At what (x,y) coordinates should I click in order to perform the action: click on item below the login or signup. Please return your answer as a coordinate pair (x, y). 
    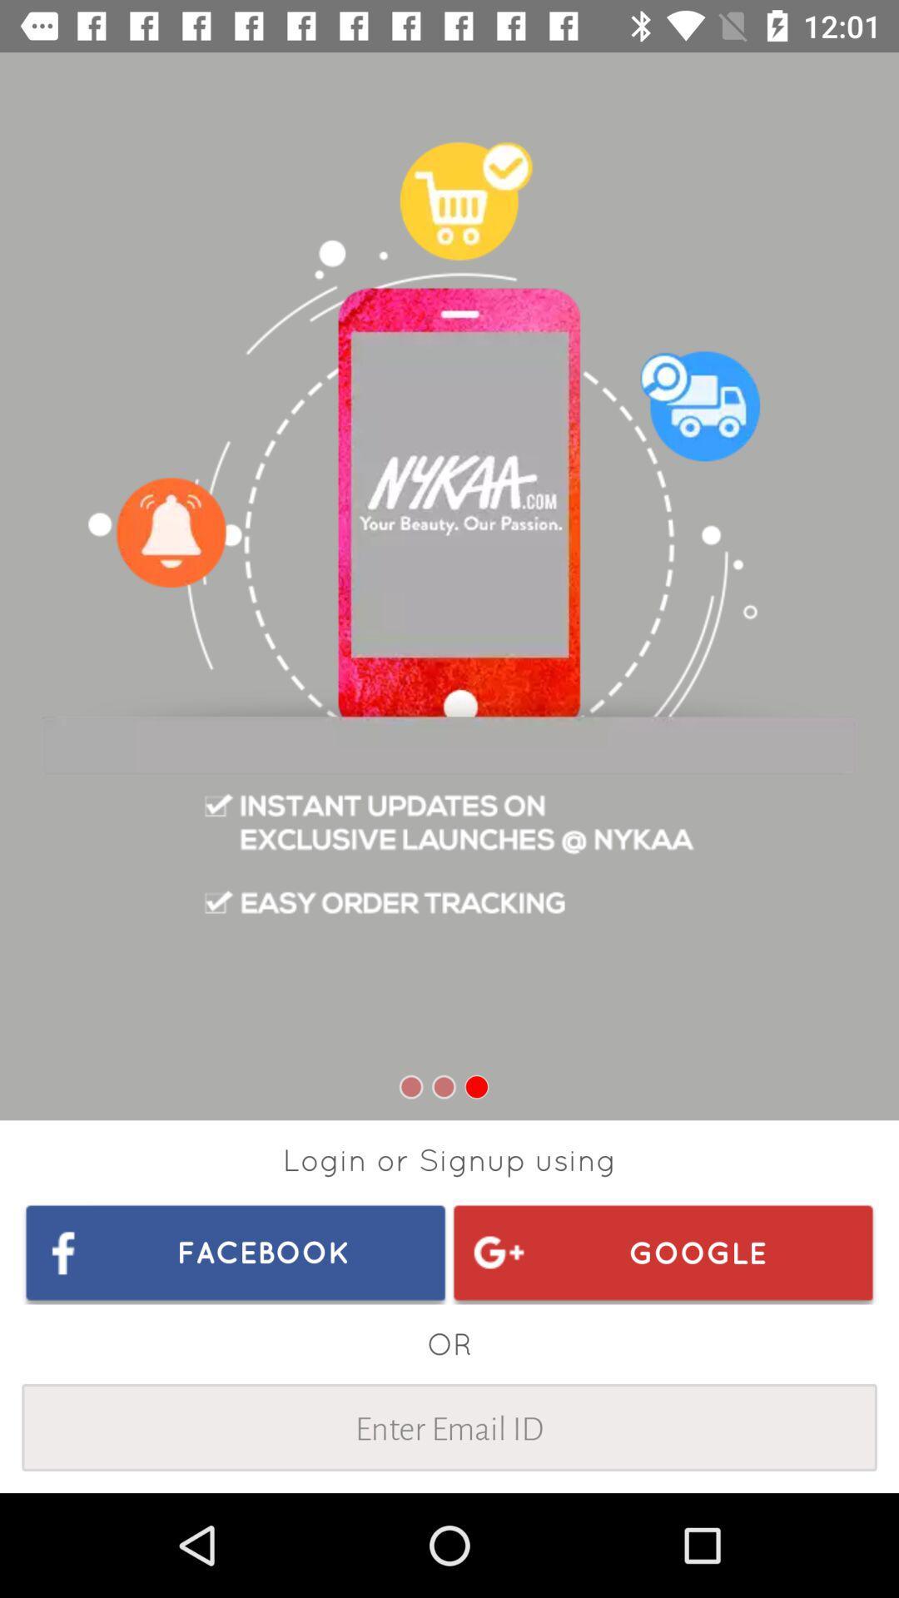
    Looking at the image, I should click on (236, 1252).